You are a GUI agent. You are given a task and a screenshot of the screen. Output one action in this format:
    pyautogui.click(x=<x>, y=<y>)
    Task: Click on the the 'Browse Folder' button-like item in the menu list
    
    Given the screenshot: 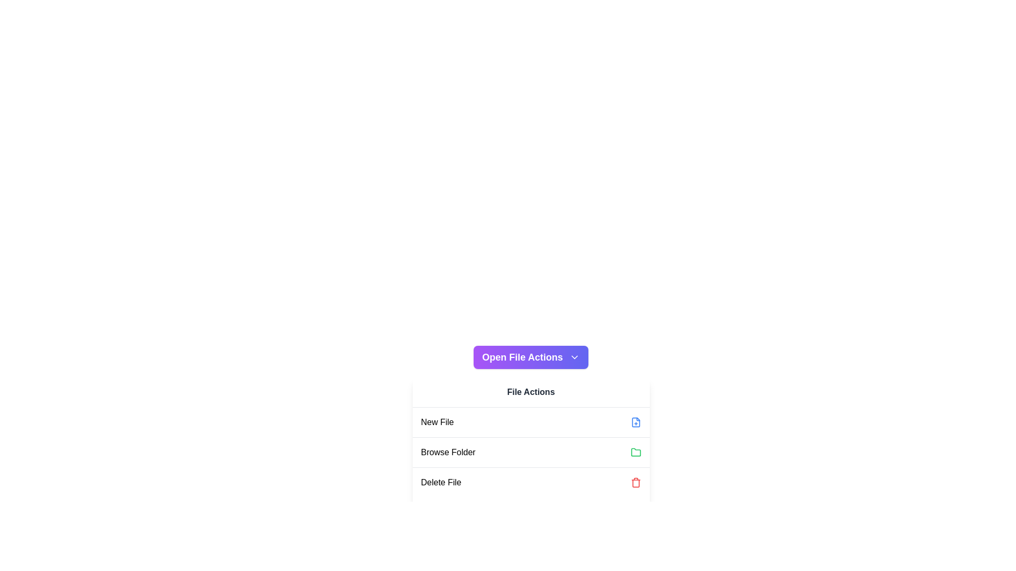 What is the action you would take?
    pyautogui.click(x=531, y=452)
    